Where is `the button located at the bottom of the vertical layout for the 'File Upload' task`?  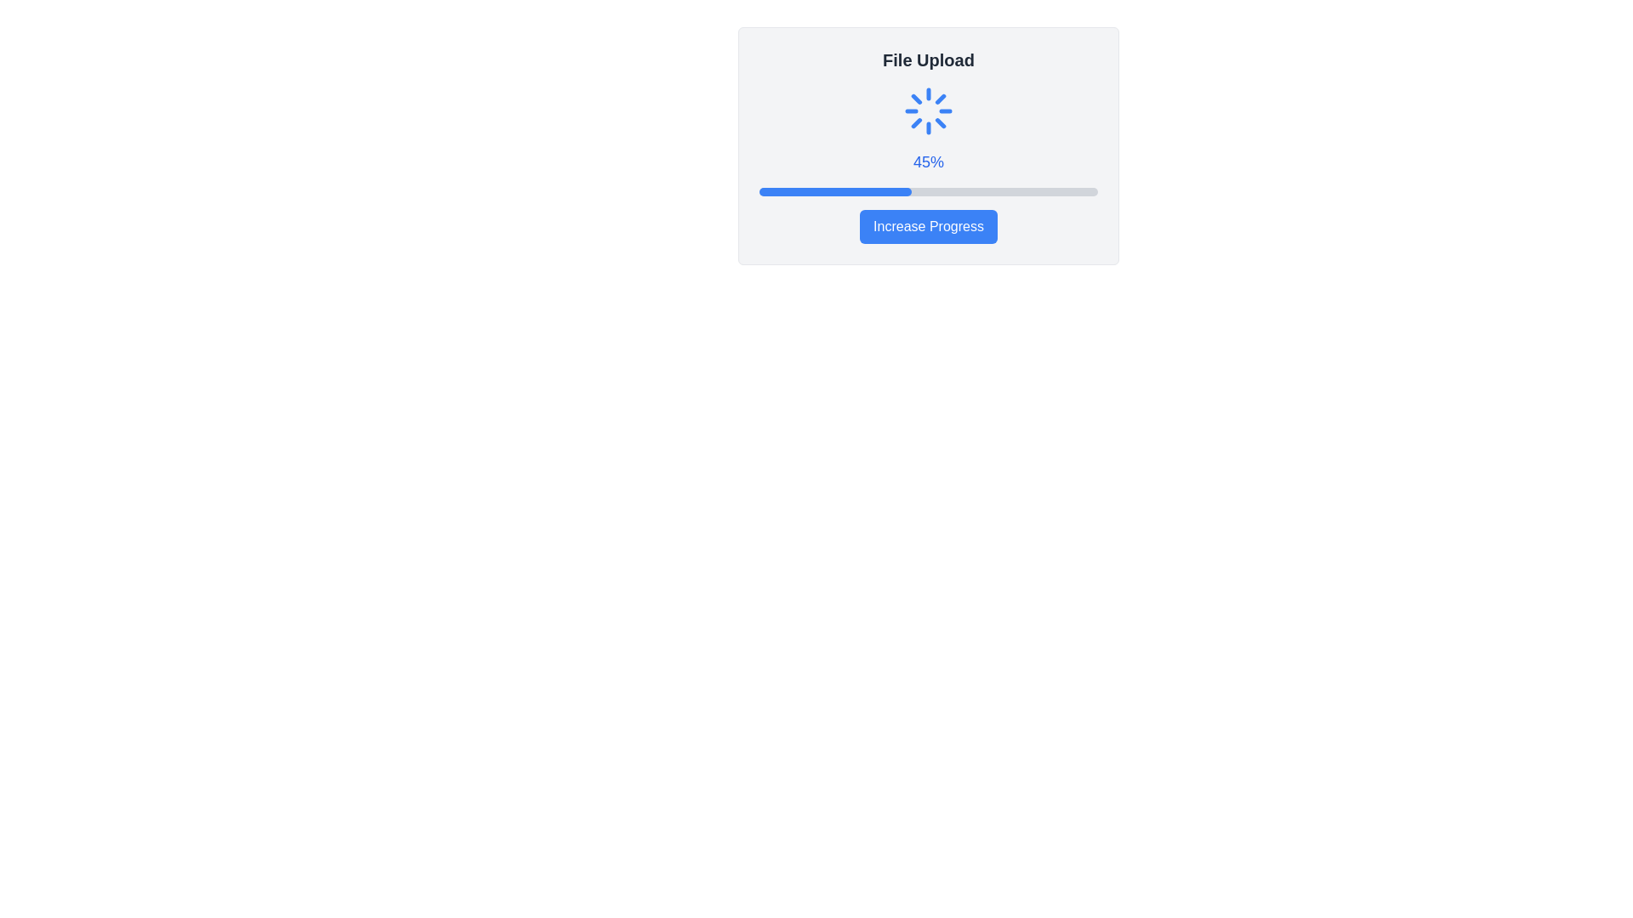
the button located at the bottom of the vertical layout for the 'File Upload' task is located at coordinates (927, 225).